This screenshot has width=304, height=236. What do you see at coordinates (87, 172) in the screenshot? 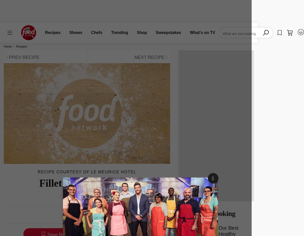
I see `'Recipe courtesy of Le Meurice Hotel'` at bounding box center [87, 172].